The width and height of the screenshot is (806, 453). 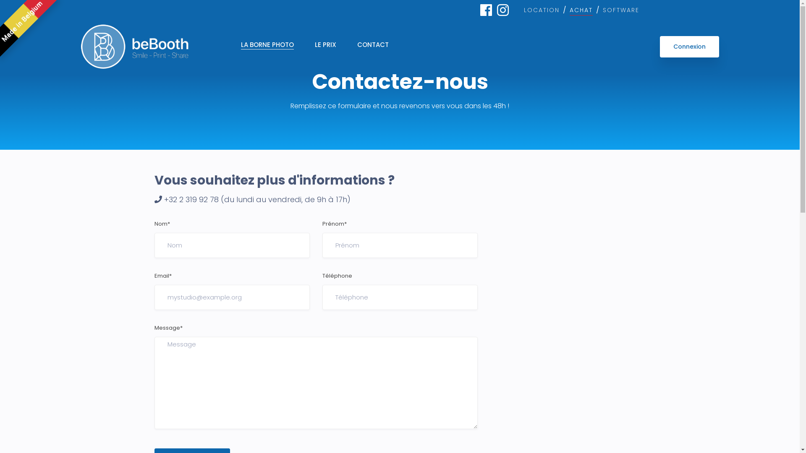 What do you see at coordinates (325, 44) in the screenshot?
I see `'LE PRIX'` at bounding box center [325, 44].